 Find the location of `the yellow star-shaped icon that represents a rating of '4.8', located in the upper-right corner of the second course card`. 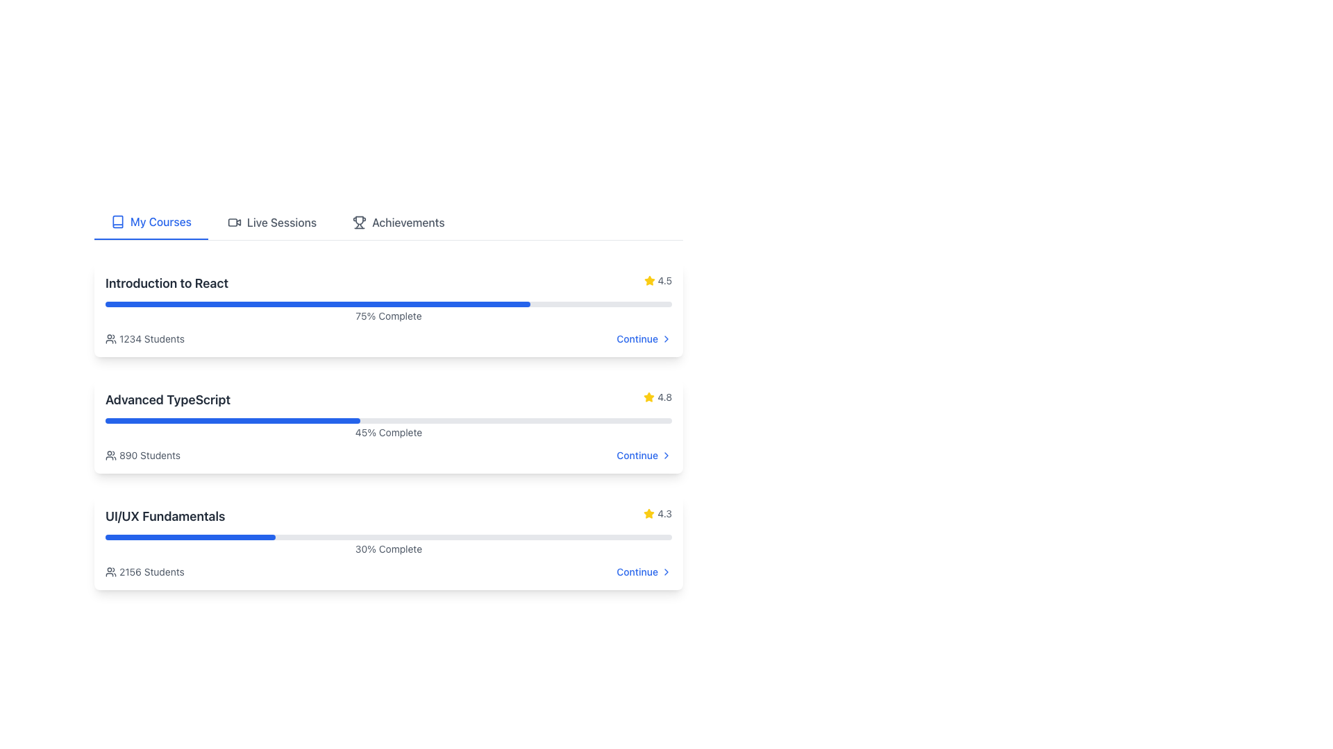

the yellow star-shaped icon that represents a rating of '4.8', located in the upper-right corner of the second course card is located at coordinates (648, 397).